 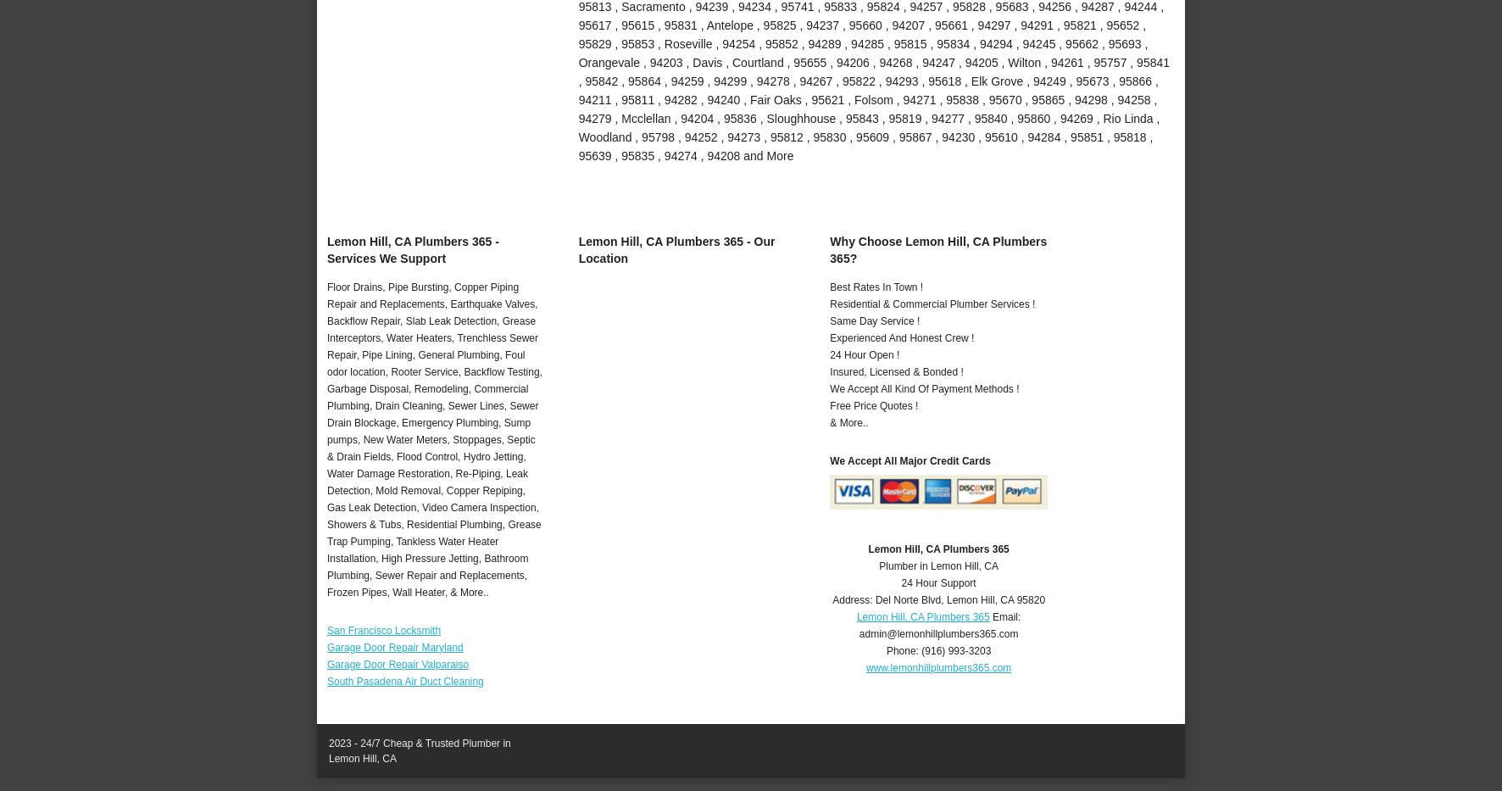 I want to click on '2023 - 24/7 Cheap & Trusted Plumber in Lemon Hill, CA', so click(x=418, y=750).